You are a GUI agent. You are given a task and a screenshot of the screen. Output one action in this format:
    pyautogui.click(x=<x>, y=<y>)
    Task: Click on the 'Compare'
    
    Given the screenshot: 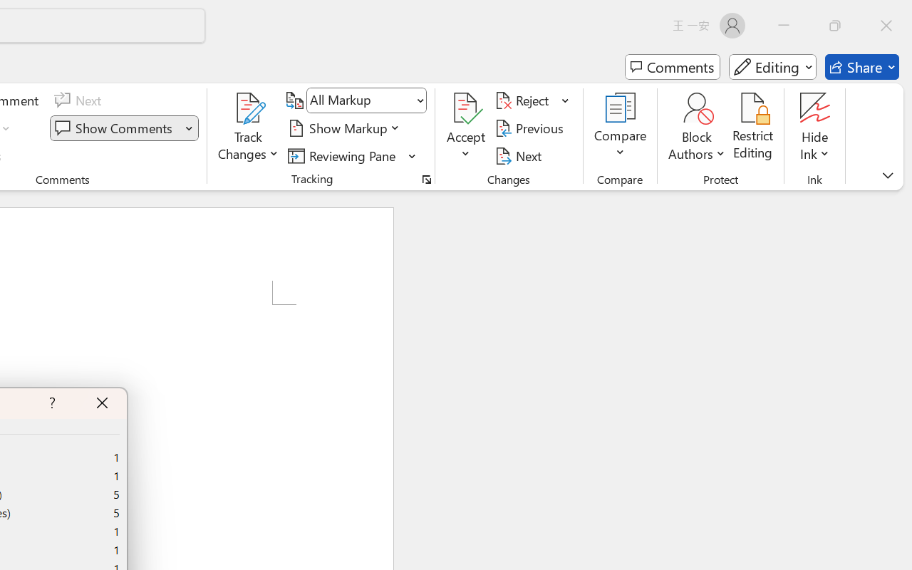 What is the action you would take?
    pyautogui.click(x=621, y=128)
    